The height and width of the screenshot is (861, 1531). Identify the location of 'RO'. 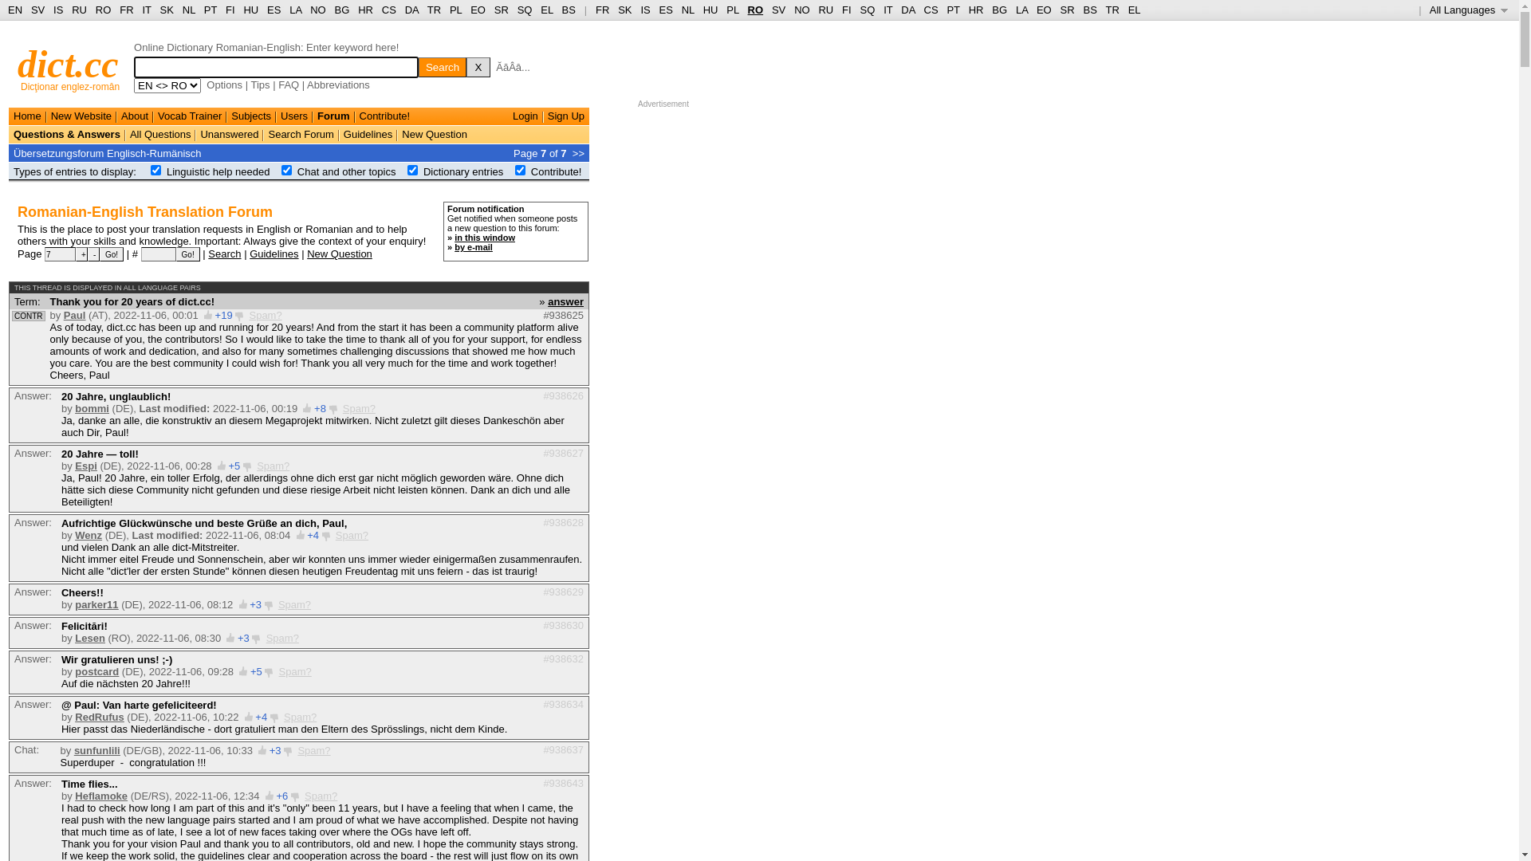
(102, 10).